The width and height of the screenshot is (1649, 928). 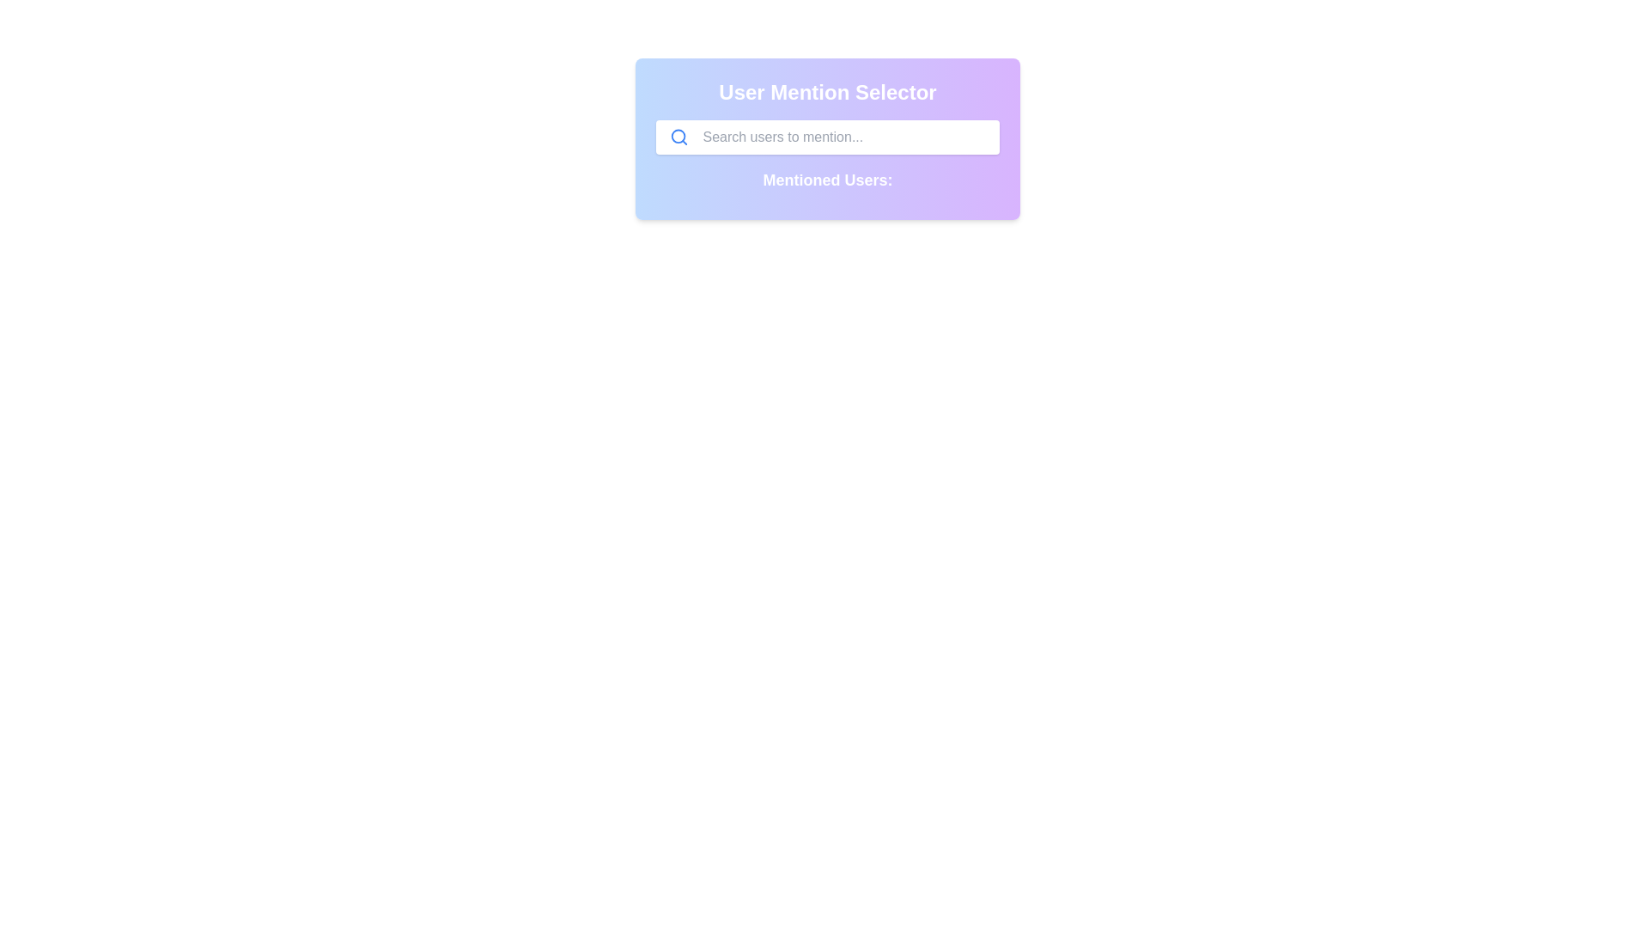 What do you see at coordinates (828, 180) in the screenshot?
I see `the text label reading 'Mentioned Users:' which is styled in a bold white font, located directly below the search bar in the main user mention interface` at bounding box center [828, 180].